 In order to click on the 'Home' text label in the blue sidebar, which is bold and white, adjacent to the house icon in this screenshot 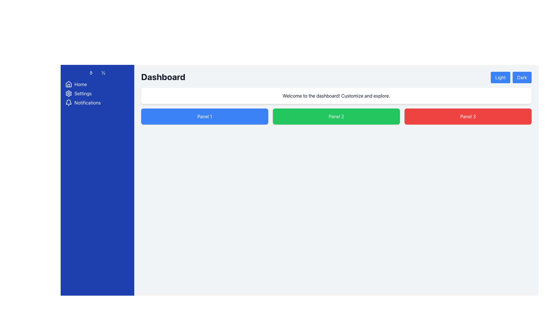, I will do `click(80, 84)`.